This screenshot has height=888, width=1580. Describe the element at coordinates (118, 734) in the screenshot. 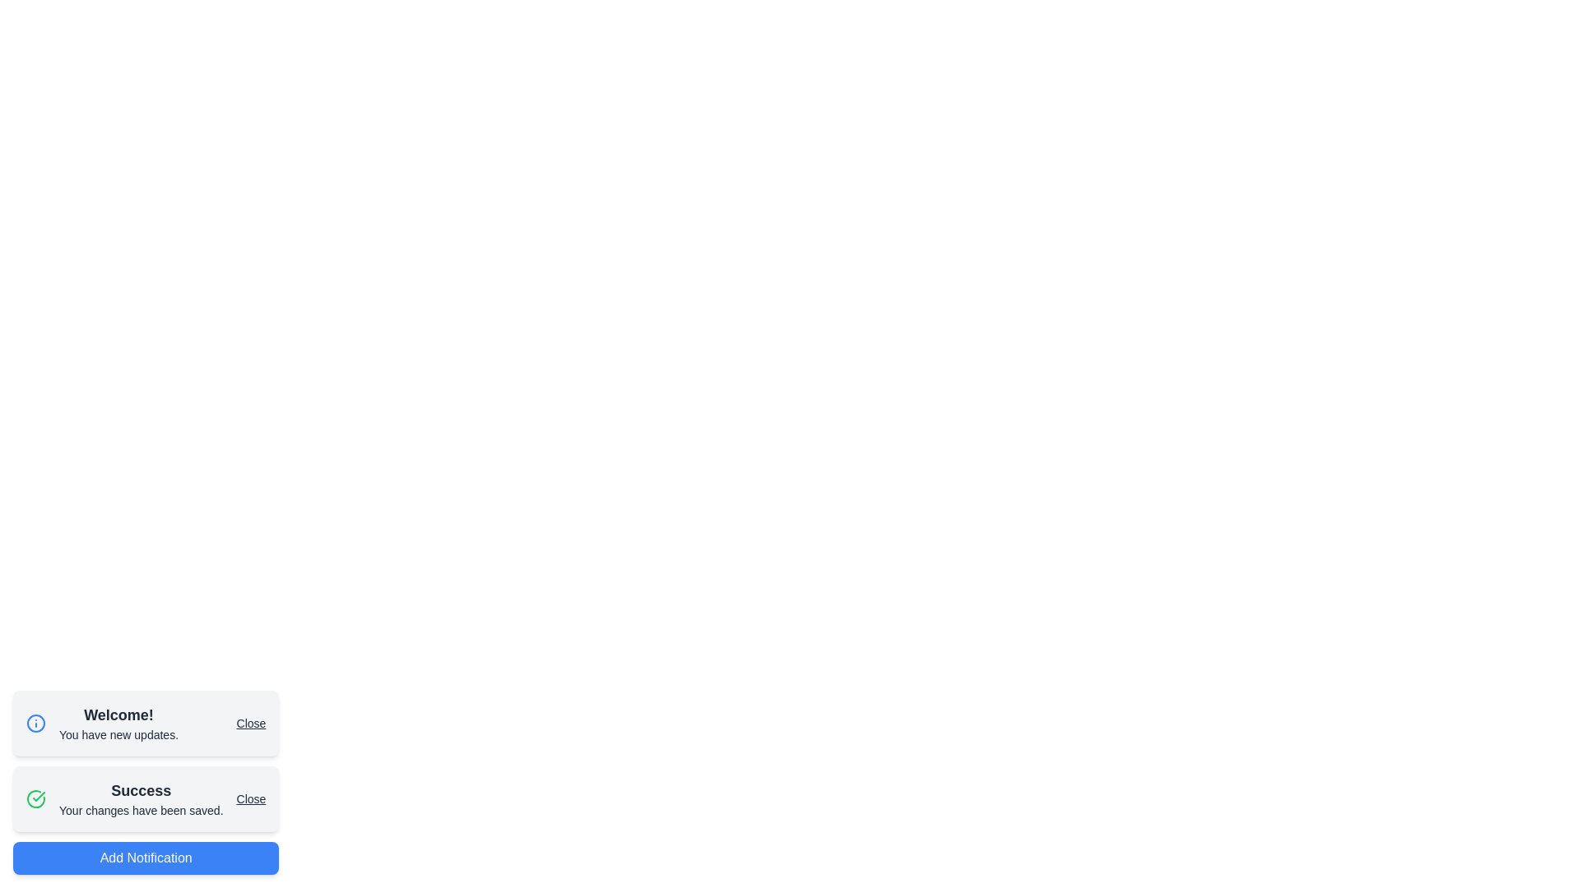

I see `the Text label that provides updates or changes, positioned below the 'Welcome!' text in the notification card` at that location.